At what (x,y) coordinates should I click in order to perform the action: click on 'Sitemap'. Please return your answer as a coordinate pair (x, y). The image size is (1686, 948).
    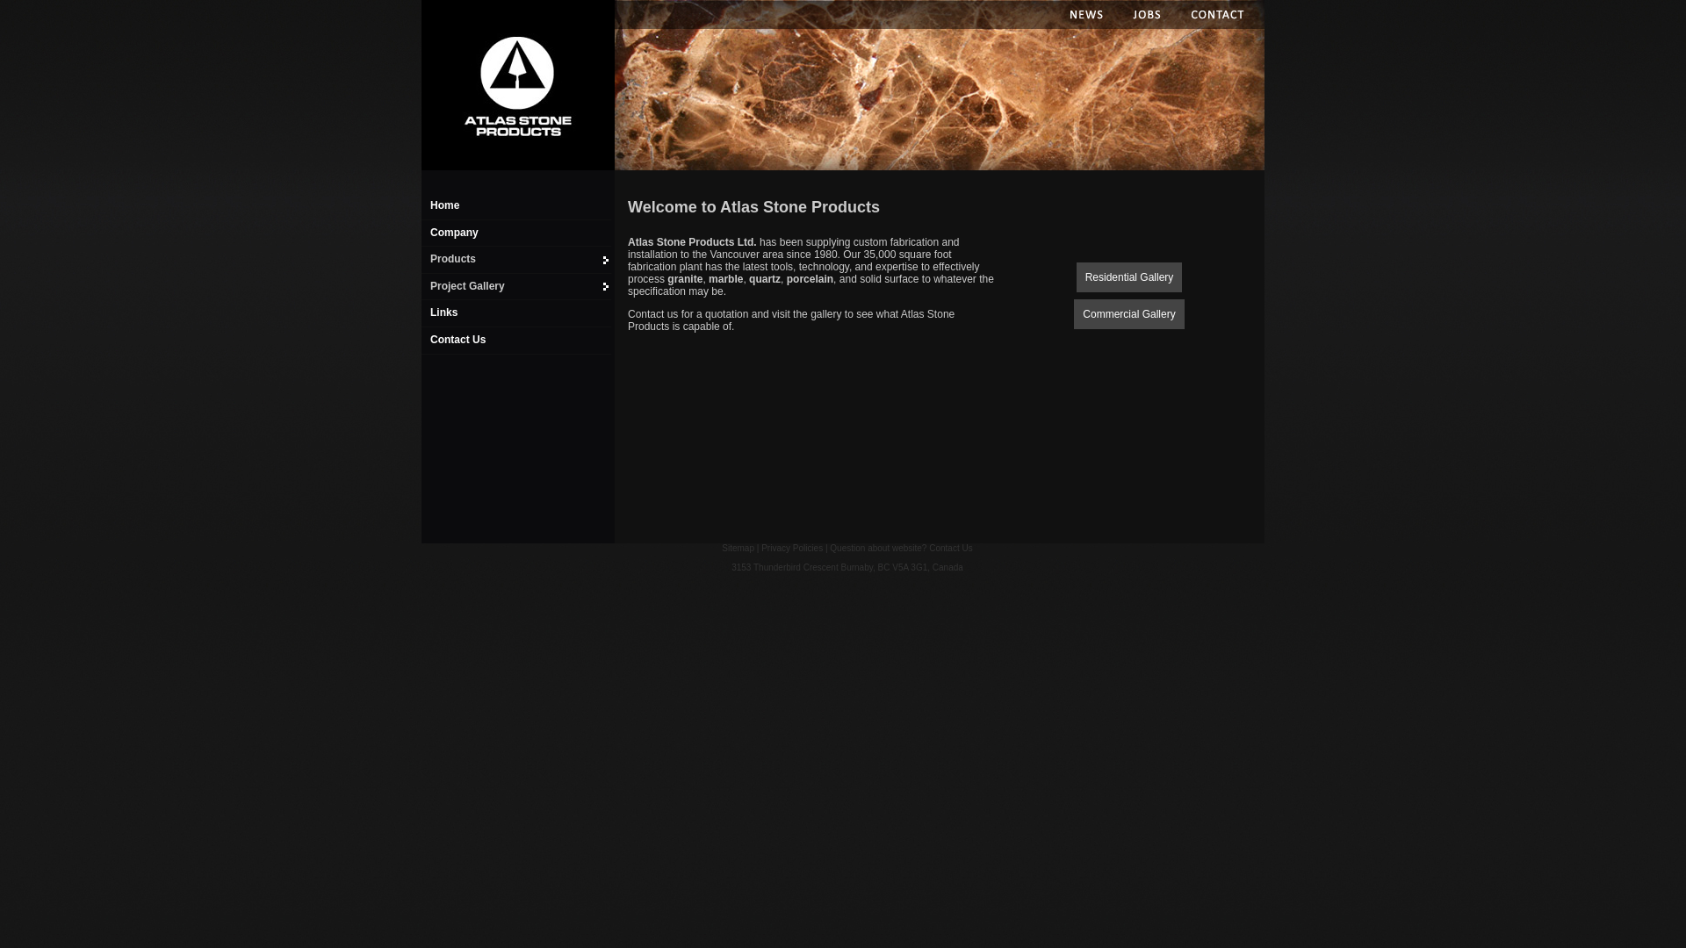
    Looking at the image, I should click on (738, 547).